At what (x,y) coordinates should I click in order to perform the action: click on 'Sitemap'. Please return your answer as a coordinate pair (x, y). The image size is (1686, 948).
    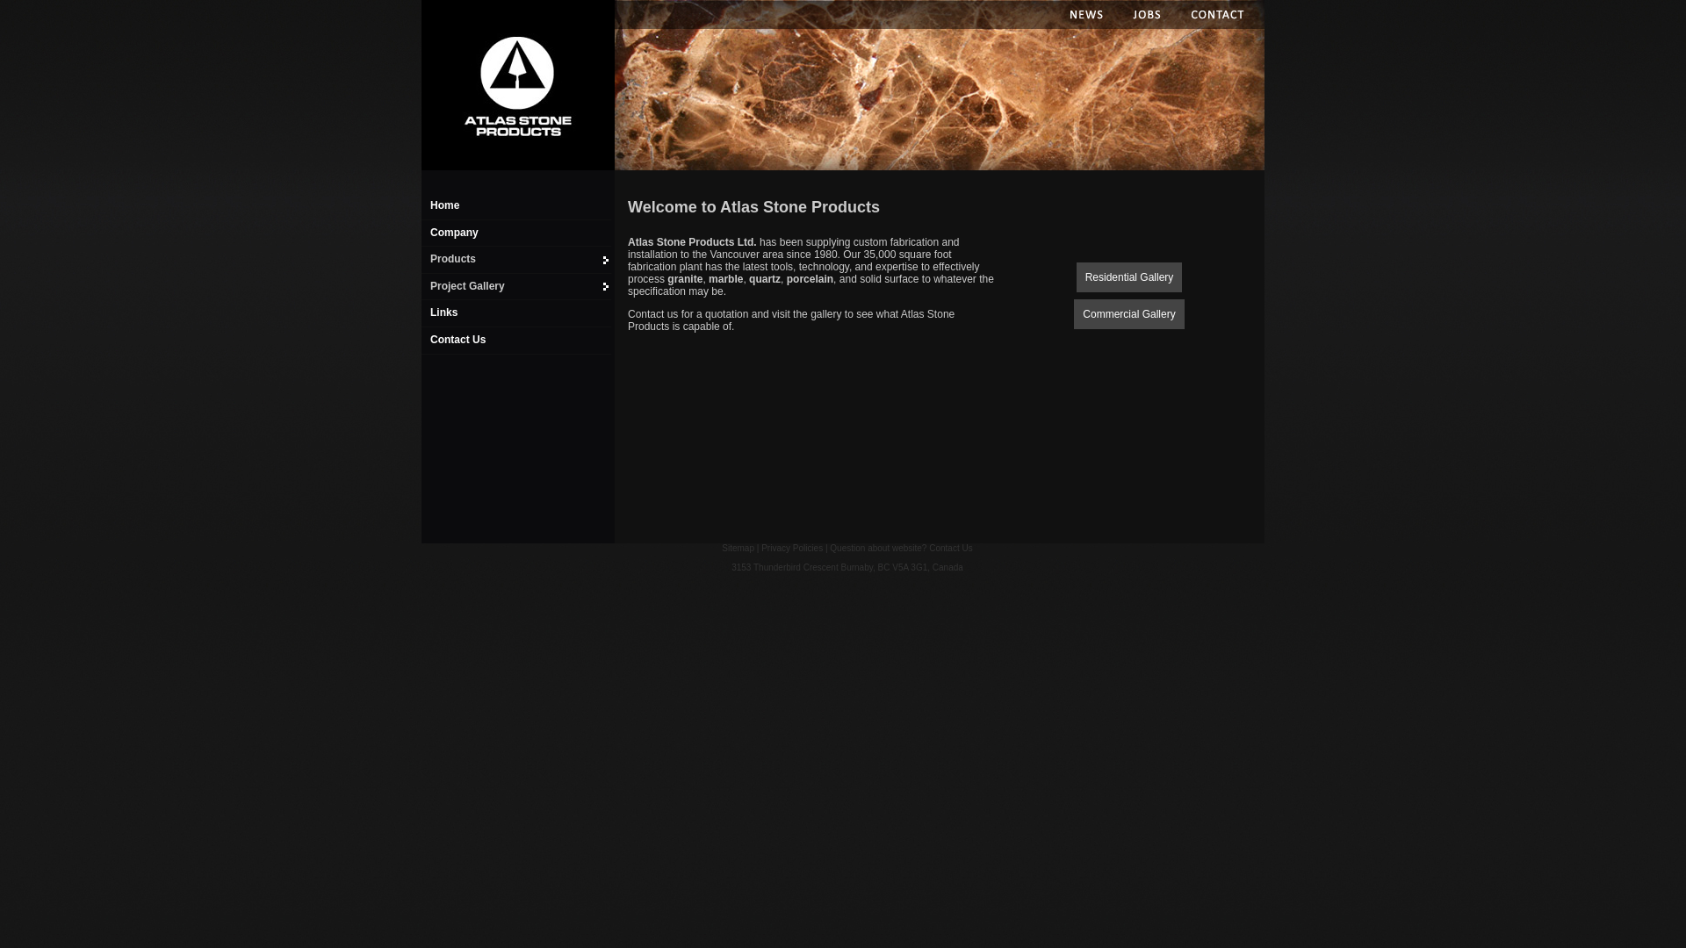
    Looking at the image, I should click on (738, 547).